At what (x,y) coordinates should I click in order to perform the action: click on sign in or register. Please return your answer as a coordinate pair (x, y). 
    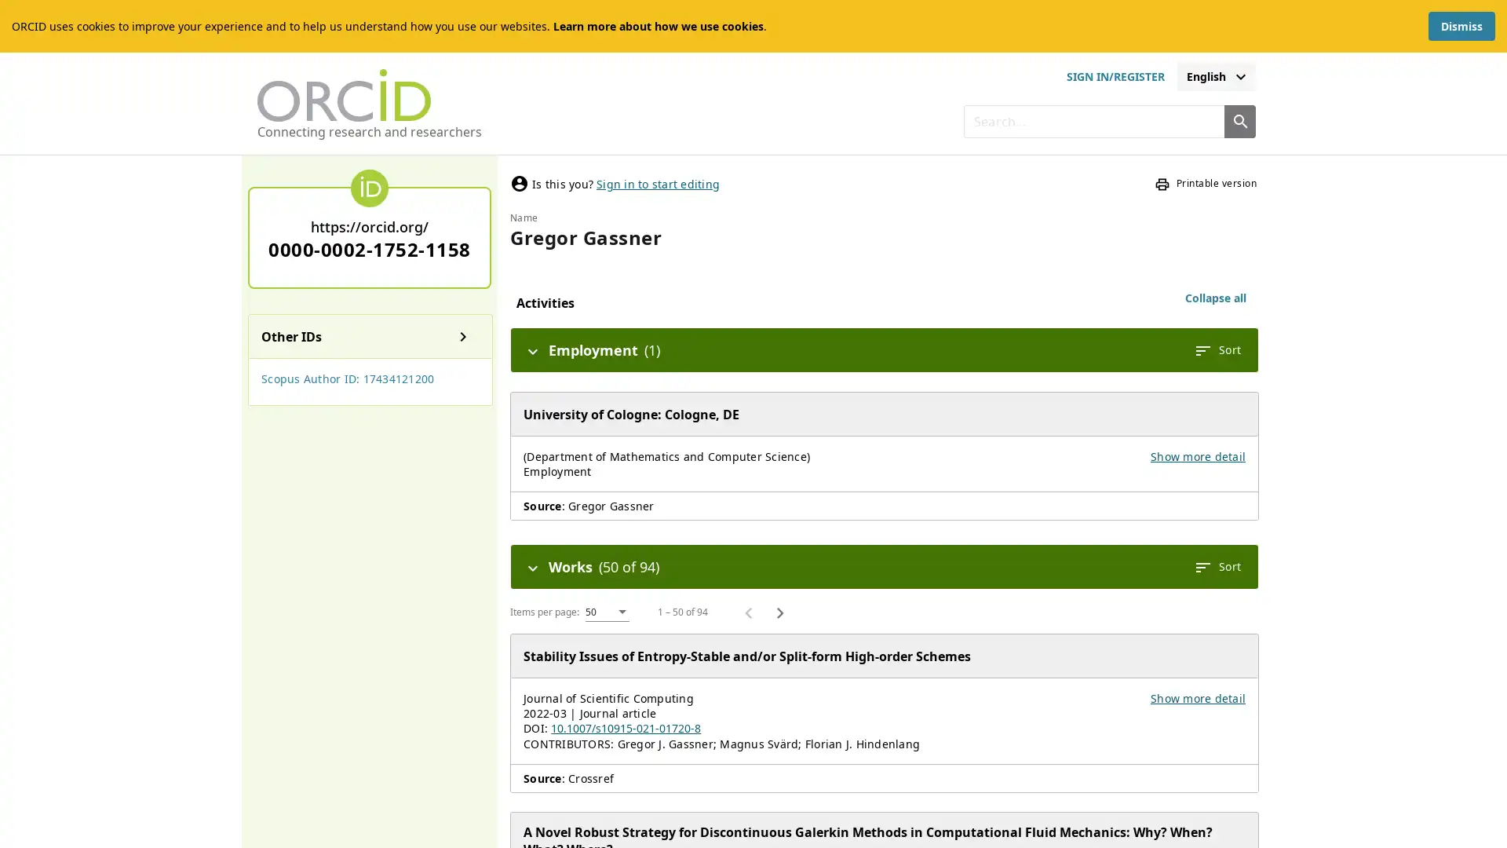
    Looking at the image, I should click on (1114, 76).